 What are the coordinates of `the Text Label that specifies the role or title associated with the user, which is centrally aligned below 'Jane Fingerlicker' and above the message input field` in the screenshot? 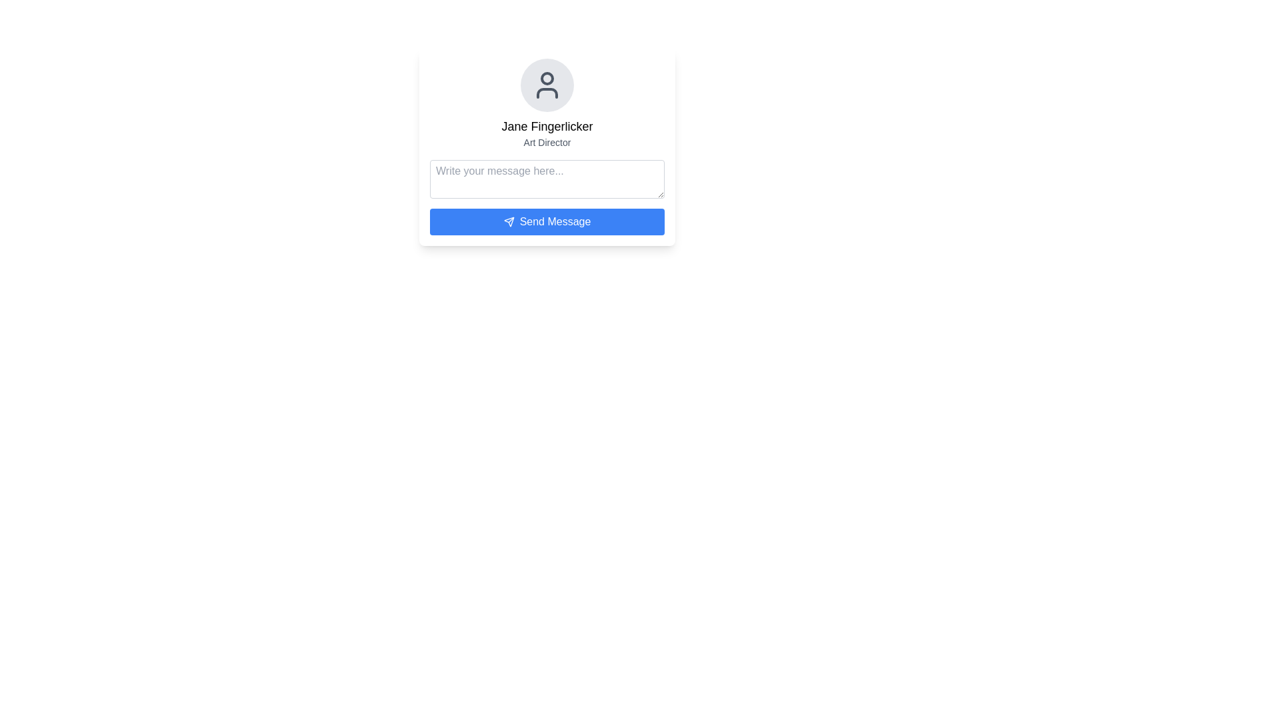 It's located at (547, 142).